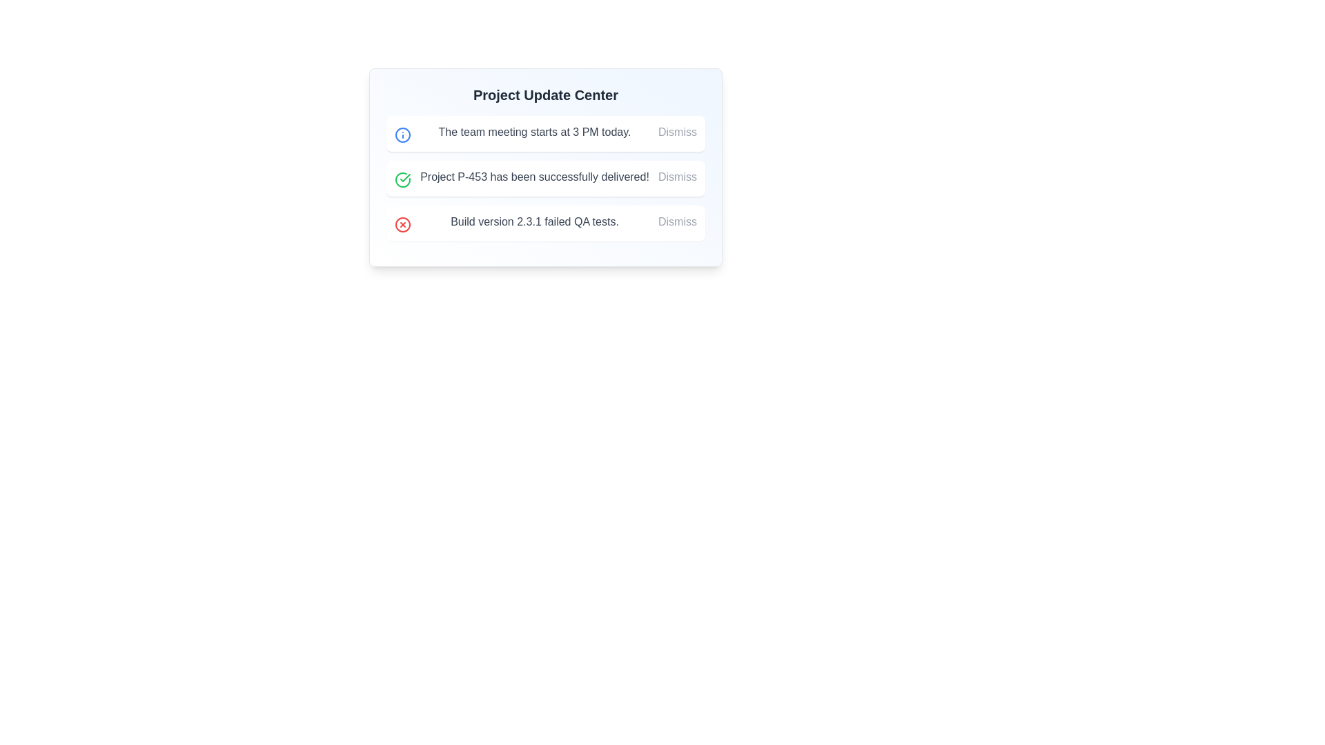 The width and height of the screenshot is (1325, 745). I want to click on the clickable text link to dismiss the notification under the 'Project Update Center' header, located to the right of the notification text 'The team meeting starts at 3 PM today.', so click(678, 132).